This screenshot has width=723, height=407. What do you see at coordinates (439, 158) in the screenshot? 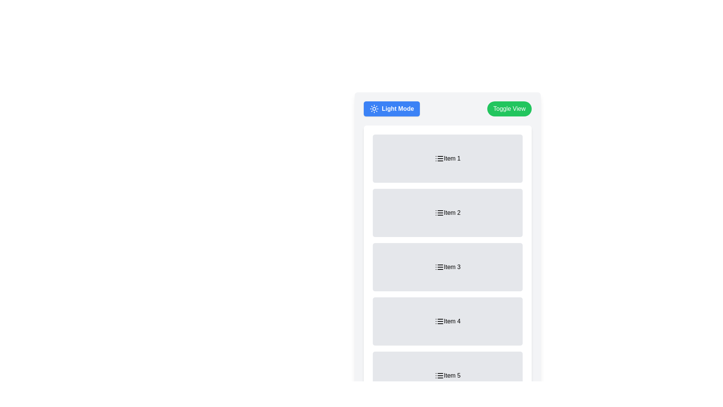
I see `the icon located at the left center of the 'Item 1' card` at bounding box center [439, 158].